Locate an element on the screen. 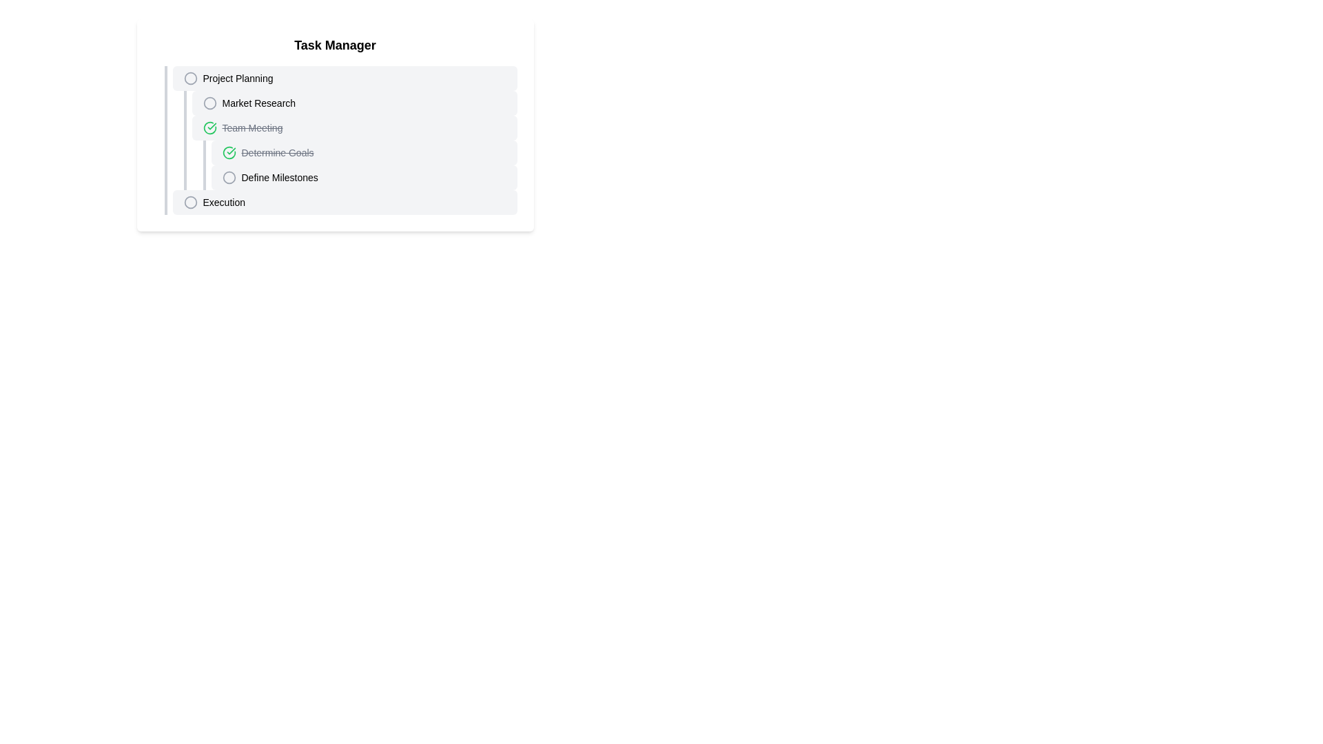 Image resolution: width=1323 pixels, height=744 pixels. the text label displaying the completed task name 'Determine Goals', which is marked with a strikethrough style and is located to the right of a green circular check icon is located at coordinates (277, 153).